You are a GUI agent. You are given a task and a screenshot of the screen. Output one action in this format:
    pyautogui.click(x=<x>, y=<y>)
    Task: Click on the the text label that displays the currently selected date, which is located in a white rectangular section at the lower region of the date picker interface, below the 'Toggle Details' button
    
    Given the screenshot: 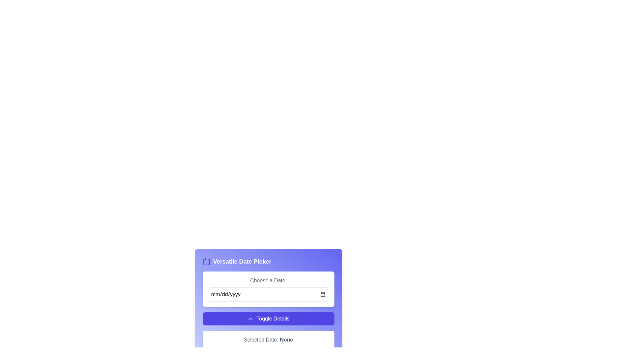 What is the action you would take?
    pyautogui.click(x=268, y=340)
    